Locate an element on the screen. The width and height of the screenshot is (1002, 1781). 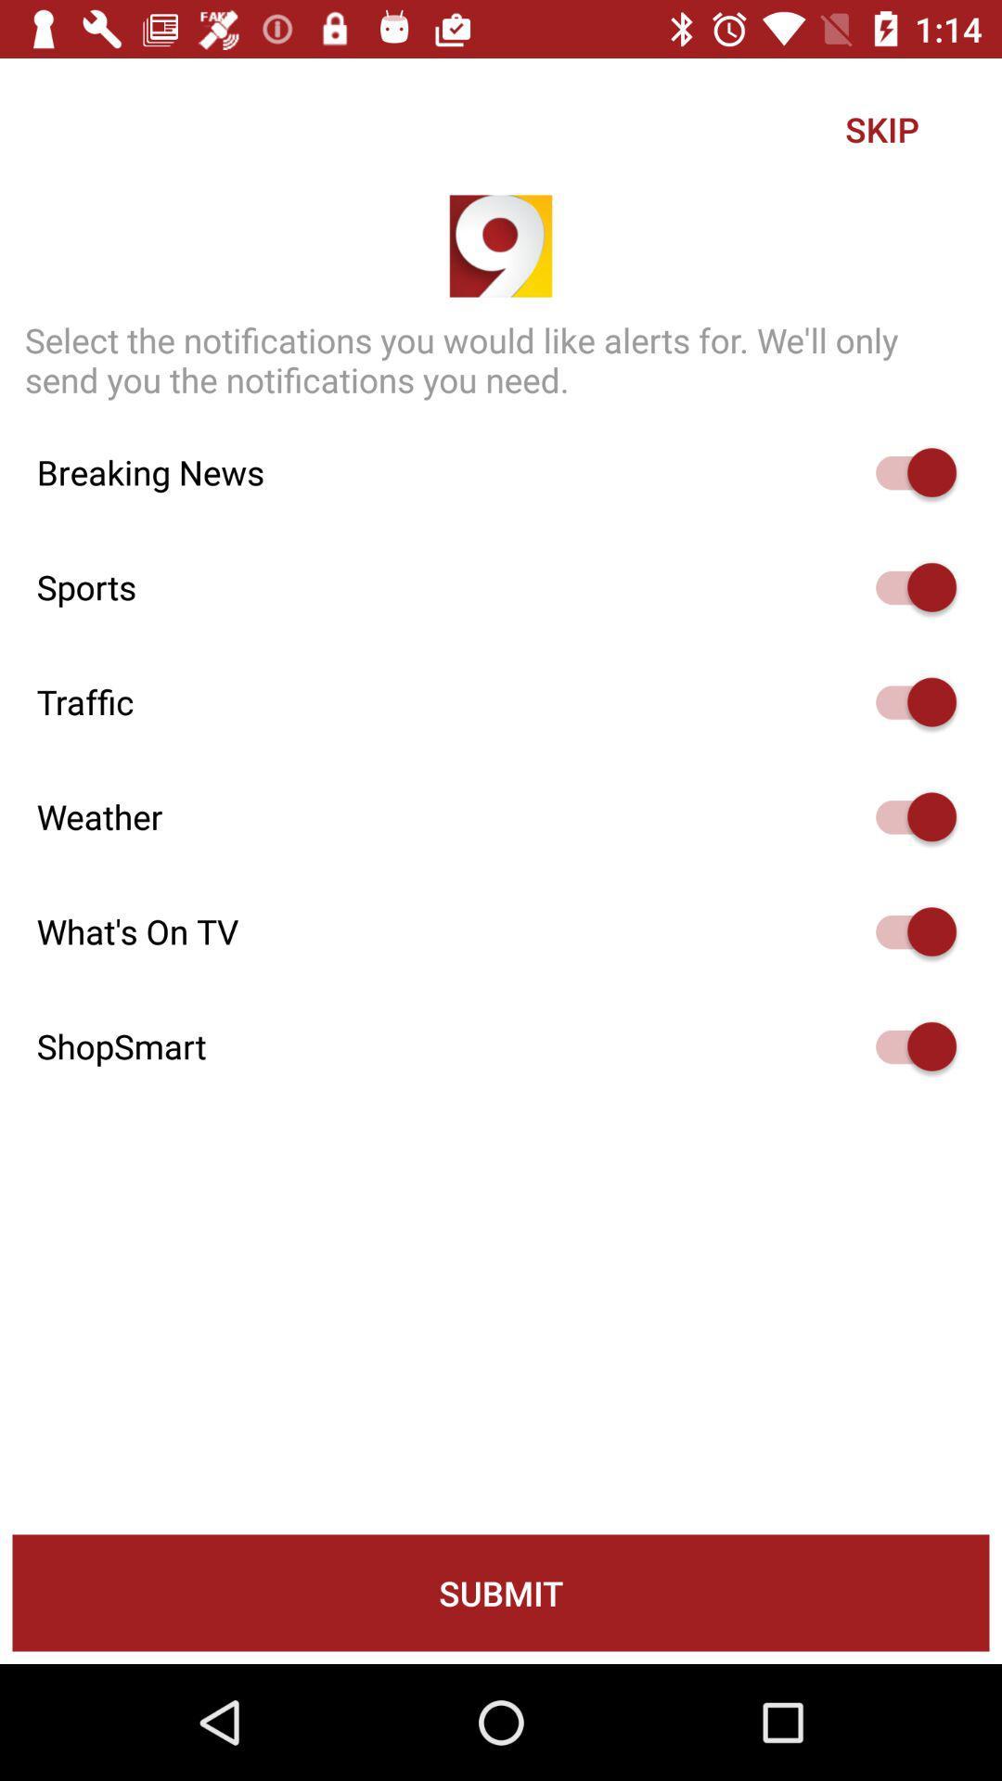
the item above select the notifications item is located at coordinates (881, 128).